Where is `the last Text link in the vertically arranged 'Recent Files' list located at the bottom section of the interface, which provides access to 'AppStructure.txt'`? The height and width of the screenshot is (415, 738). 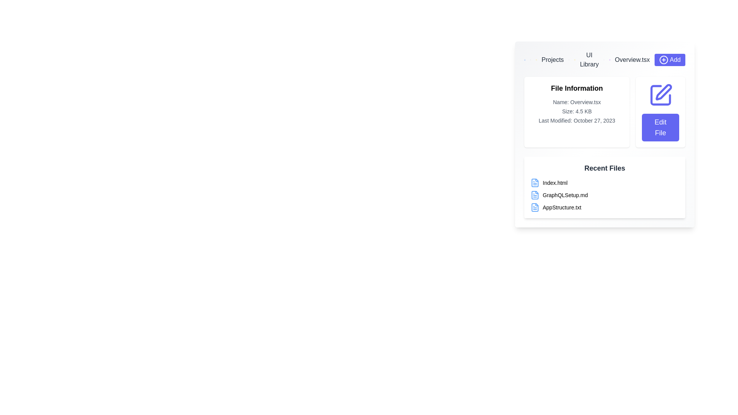
the last Text link in the vertically arranged 'Recent Files' list located at the bottom section of the interface, which provides access to 'AppStructure.txt' is located at coordinates (562, 207).